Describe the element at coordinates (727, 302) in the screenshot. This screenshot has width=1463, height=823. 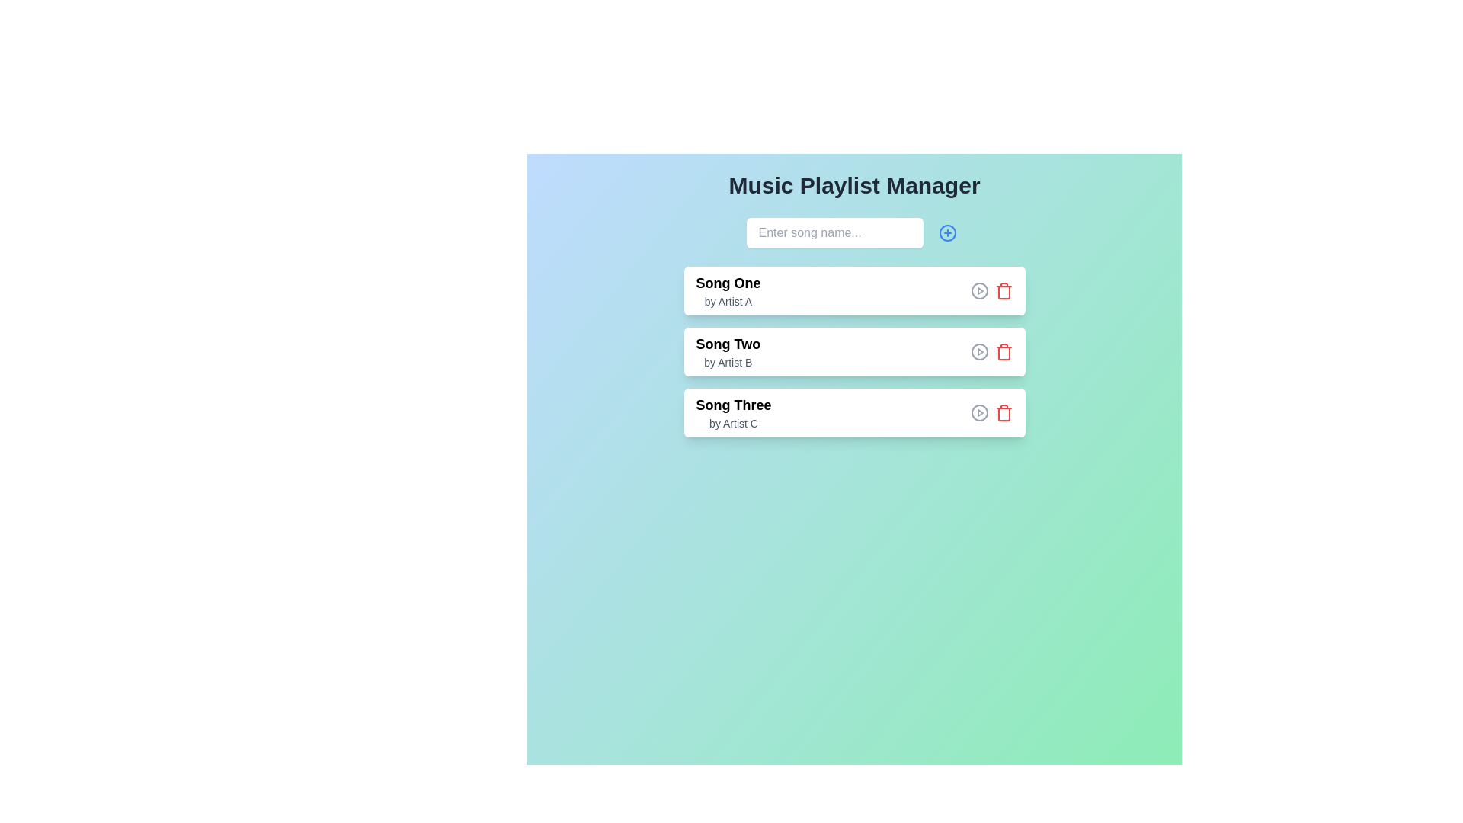
I see `the text label displaying the artist name 'Artist A', which is located below 'Song One' in the Music Playlist Manager interface` at that location.